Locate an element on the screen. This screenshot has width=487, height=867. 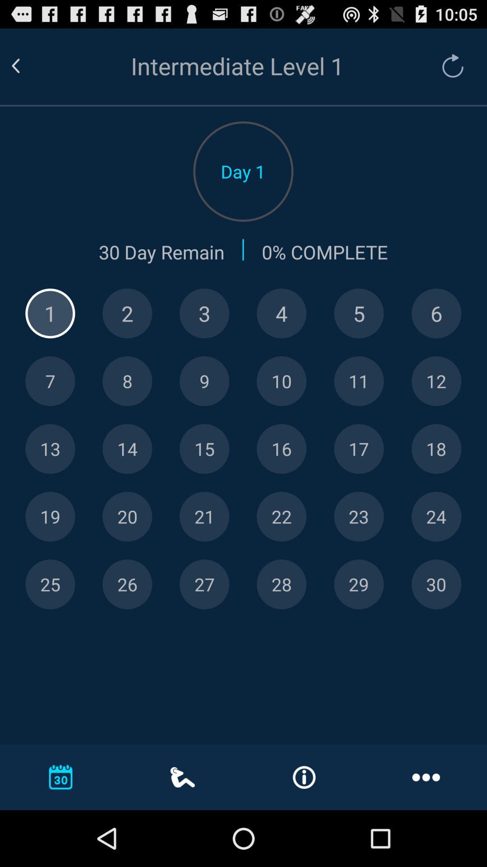
este o numero 10 is located at coordinates (281, 381).